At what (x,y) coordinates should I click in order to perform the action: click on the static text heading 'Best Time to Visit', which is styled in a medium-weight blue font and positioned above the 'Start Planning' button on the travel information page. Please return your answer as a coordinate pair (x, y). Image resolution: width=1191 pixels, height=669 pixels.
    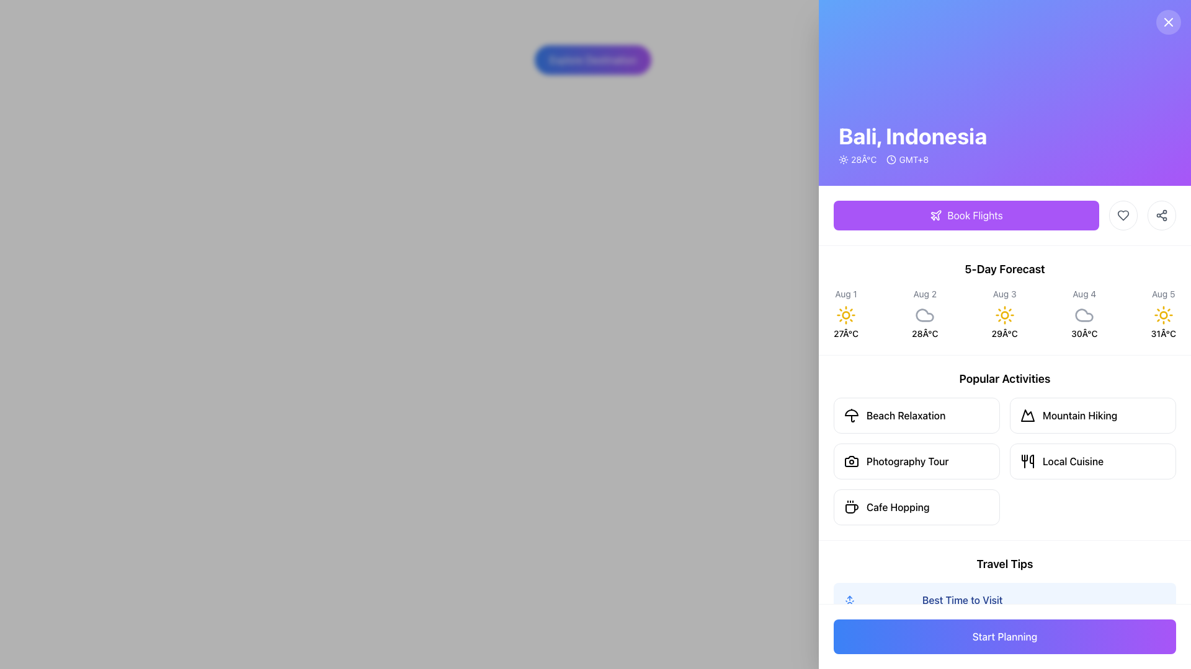
    Looking at the image, I should click on (961, 599).